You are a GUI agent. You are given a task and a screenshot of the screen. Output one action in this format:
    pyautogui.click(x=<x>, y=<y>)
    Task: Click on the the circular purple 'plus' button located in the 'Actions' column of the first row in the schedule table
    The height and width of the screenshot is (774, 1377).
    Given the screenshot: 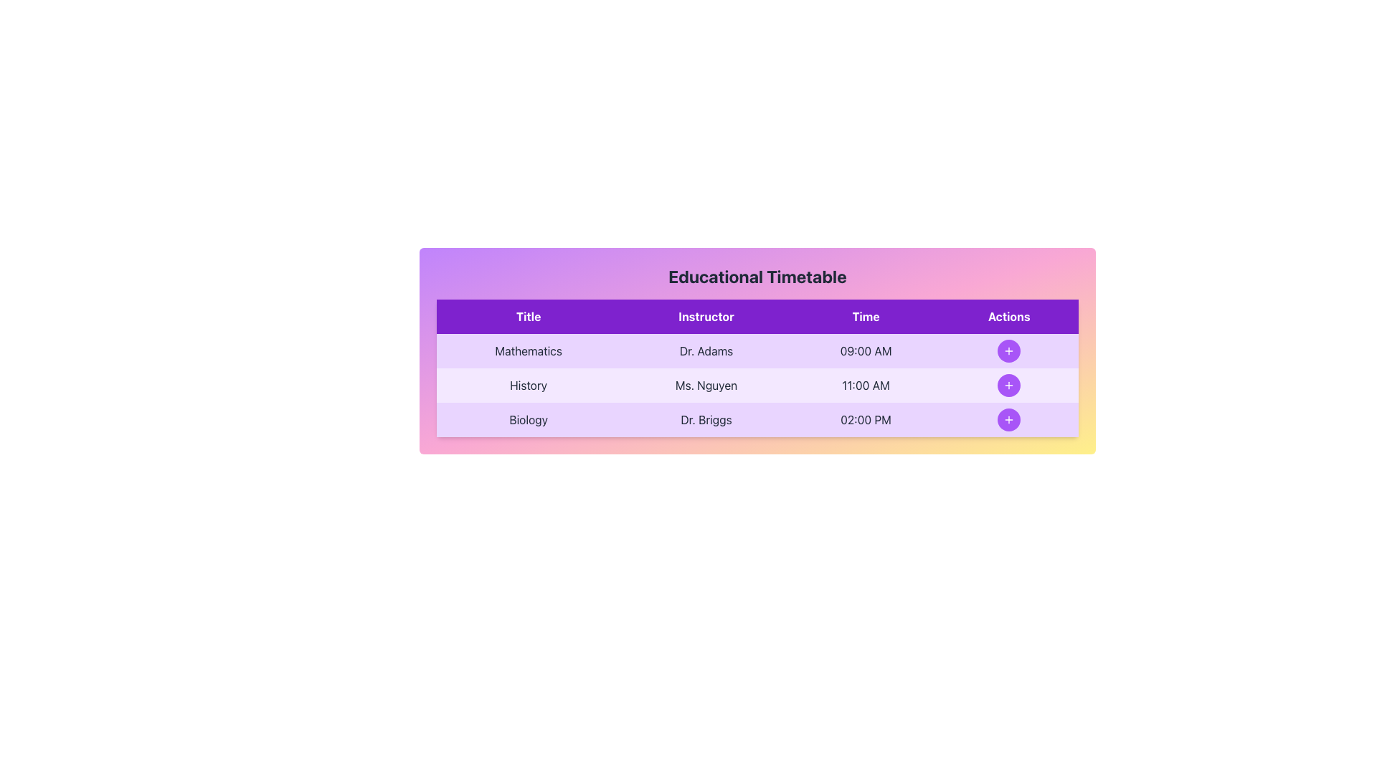 What is the action you would take?
    pyautogui.click(x=1008, y=350)
    